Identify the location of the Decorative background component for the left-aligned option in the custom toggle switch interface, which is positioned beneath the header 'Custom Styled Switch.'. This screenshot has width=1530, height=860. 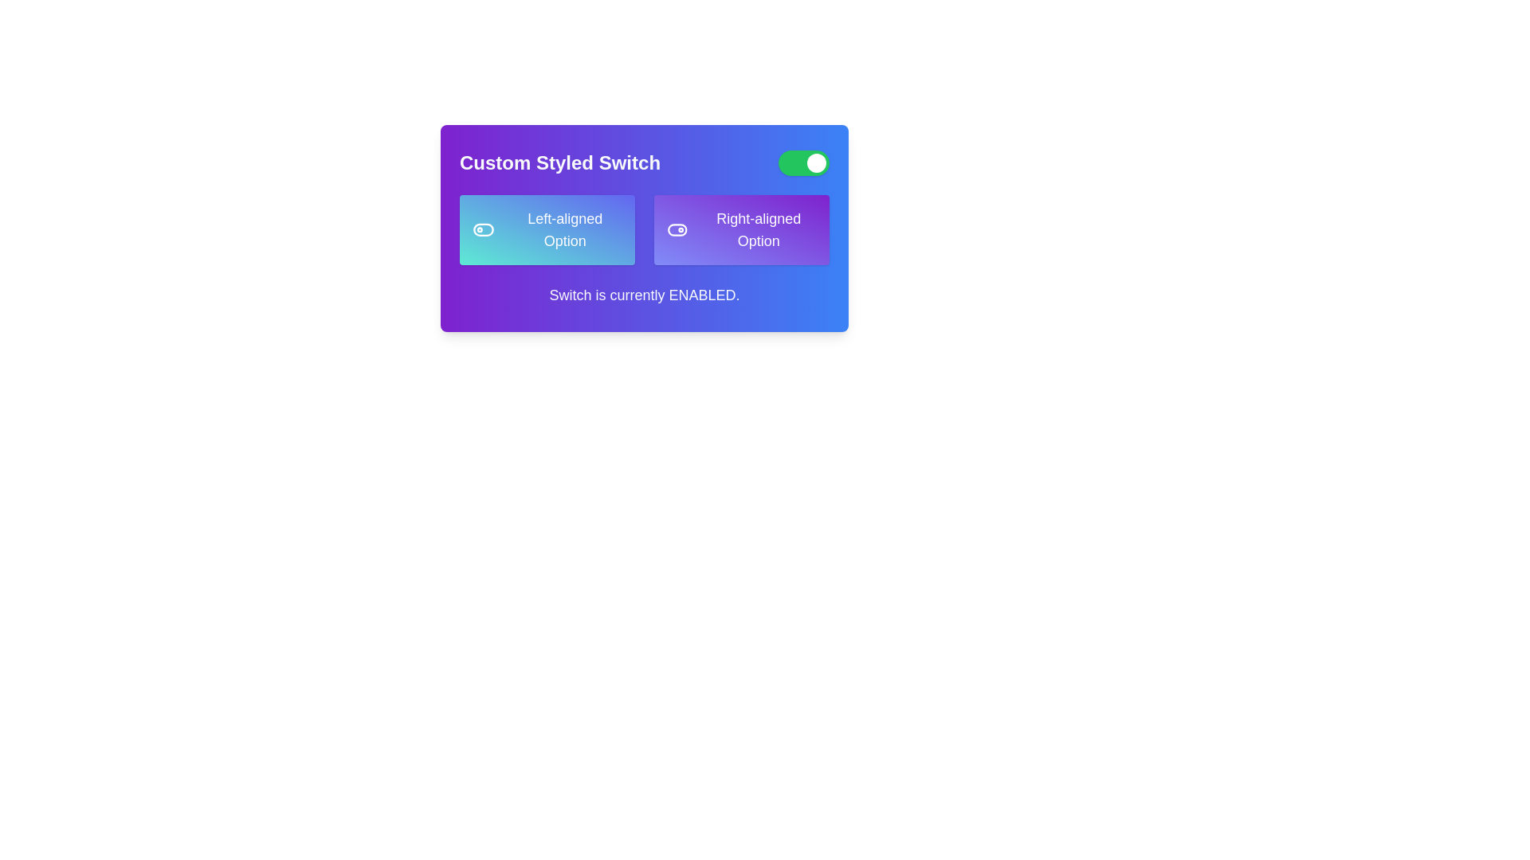
(483, 230).